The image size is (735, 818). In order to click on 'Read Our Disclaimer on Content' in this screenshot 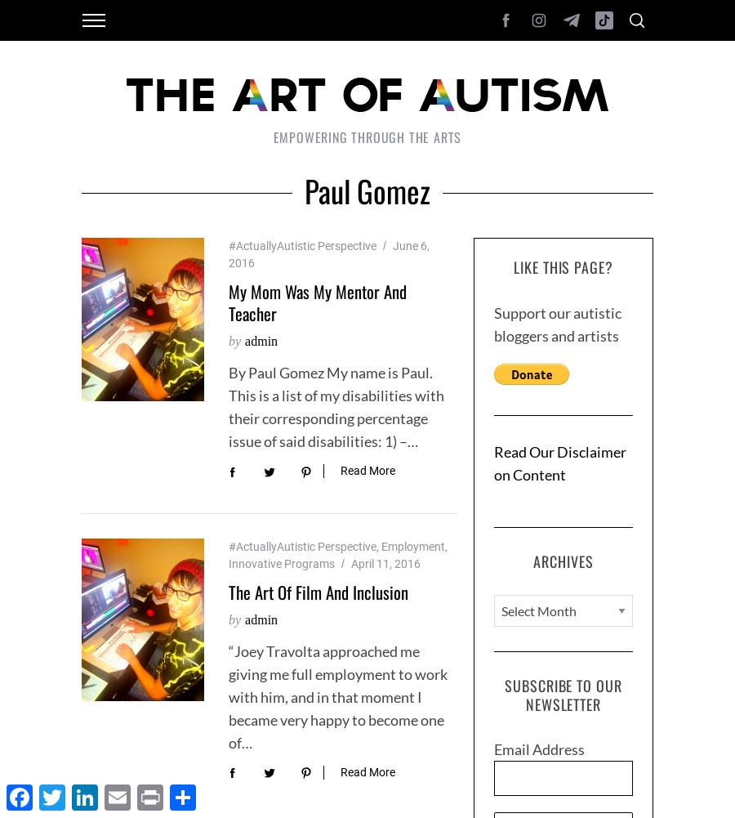, I will do `click(493, 461)`.